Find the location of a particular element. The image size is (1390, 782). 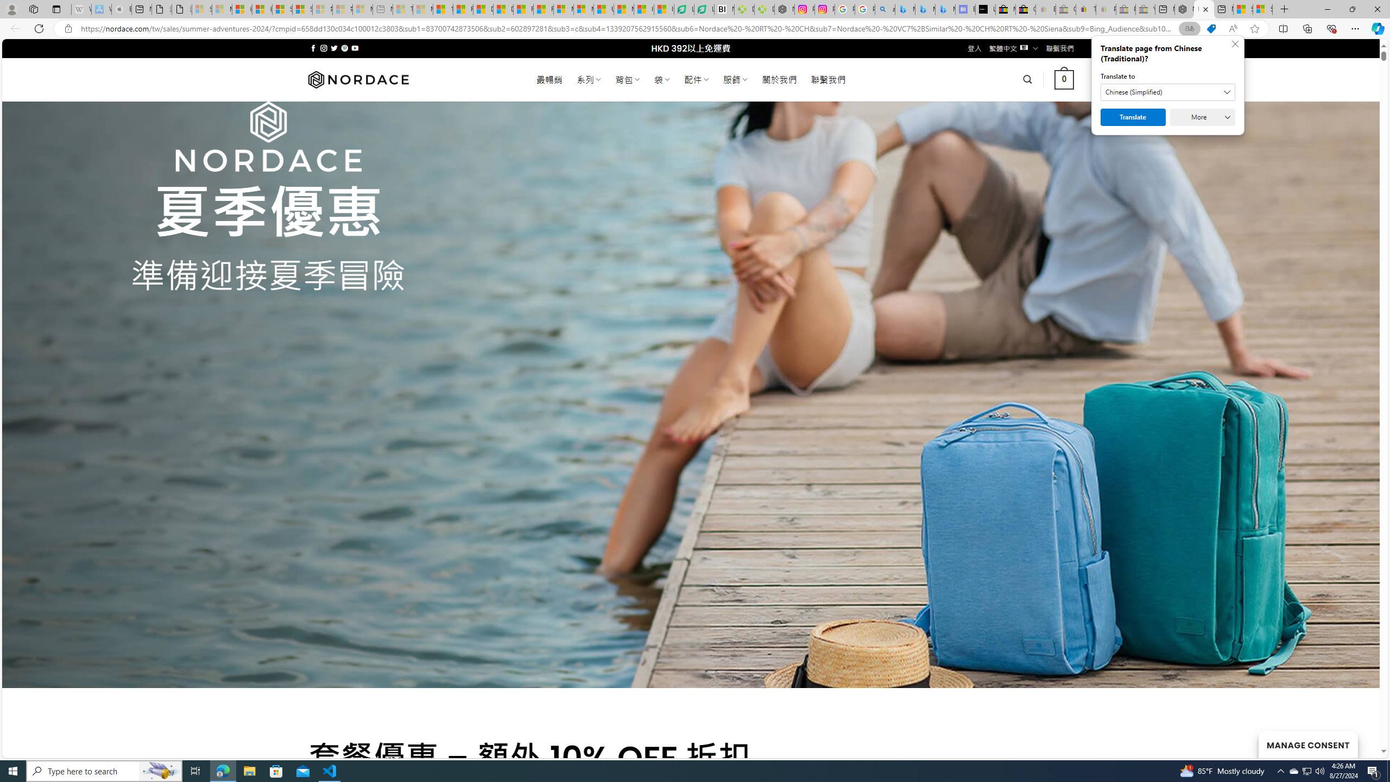

'Microsoft Bing Travel - Flights from Hong Kong to Bangkok' is located at coordinates (905, 9).